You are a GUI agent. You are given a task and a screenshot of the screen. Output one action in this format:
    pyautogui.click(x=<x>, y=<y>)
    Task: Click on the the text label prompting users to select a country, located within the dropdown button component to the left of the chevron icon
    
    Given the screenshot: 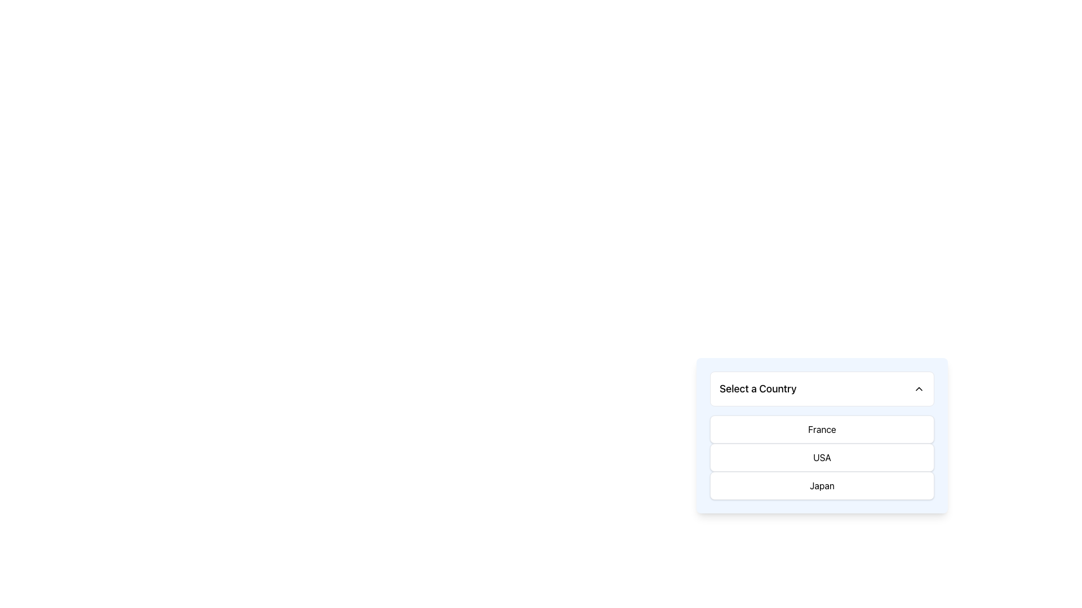 What is the action you would take?
    pyautogui.click(x=758, y=388)
    